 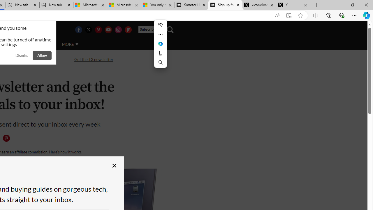 I want to click on 'Mini menu on text selection', so click(x=161, y=43).